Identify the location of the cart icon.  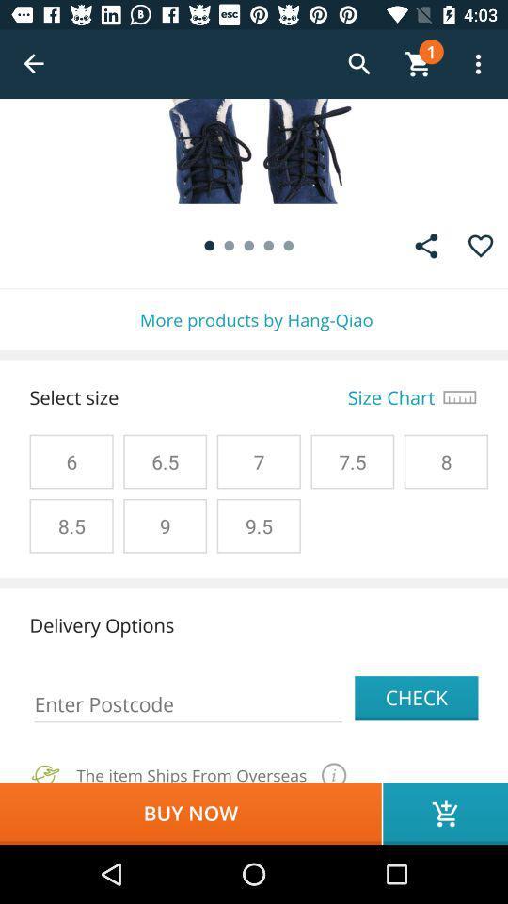
(444, 813).